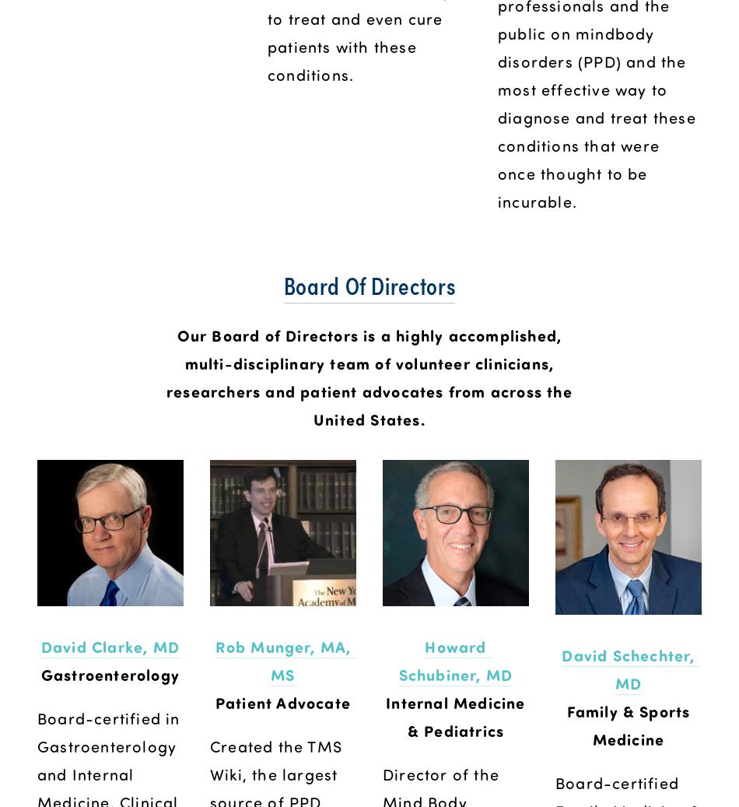 The width and height of the screenshot is (739, 807). What do you see at coordinates (110, 673) in the screenshot?
I see `'Gastroenterology'` at bounding box center [110, 673].